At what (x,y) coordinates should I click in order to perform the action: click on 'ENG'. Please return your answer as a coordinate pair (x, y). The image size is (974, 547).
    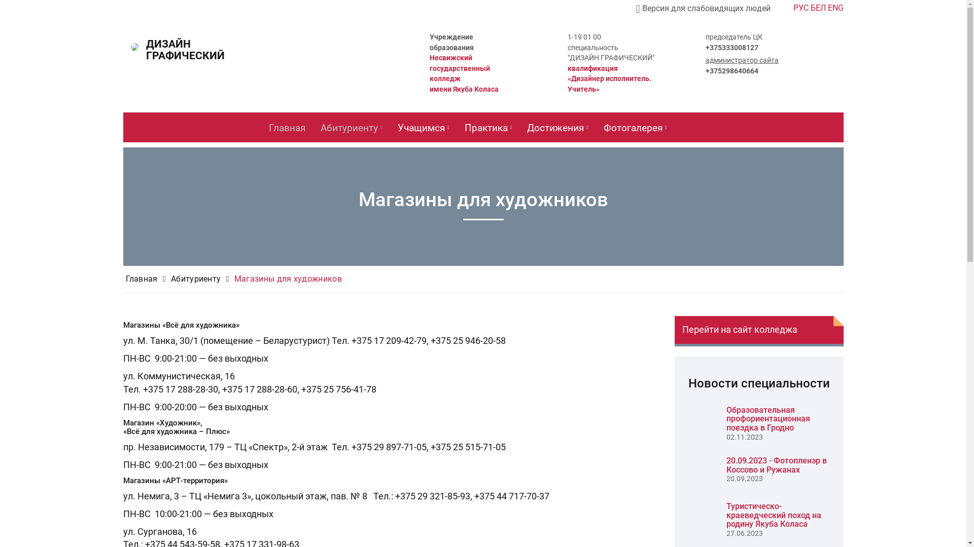
    Looking at the image, I should click on (836, 8).